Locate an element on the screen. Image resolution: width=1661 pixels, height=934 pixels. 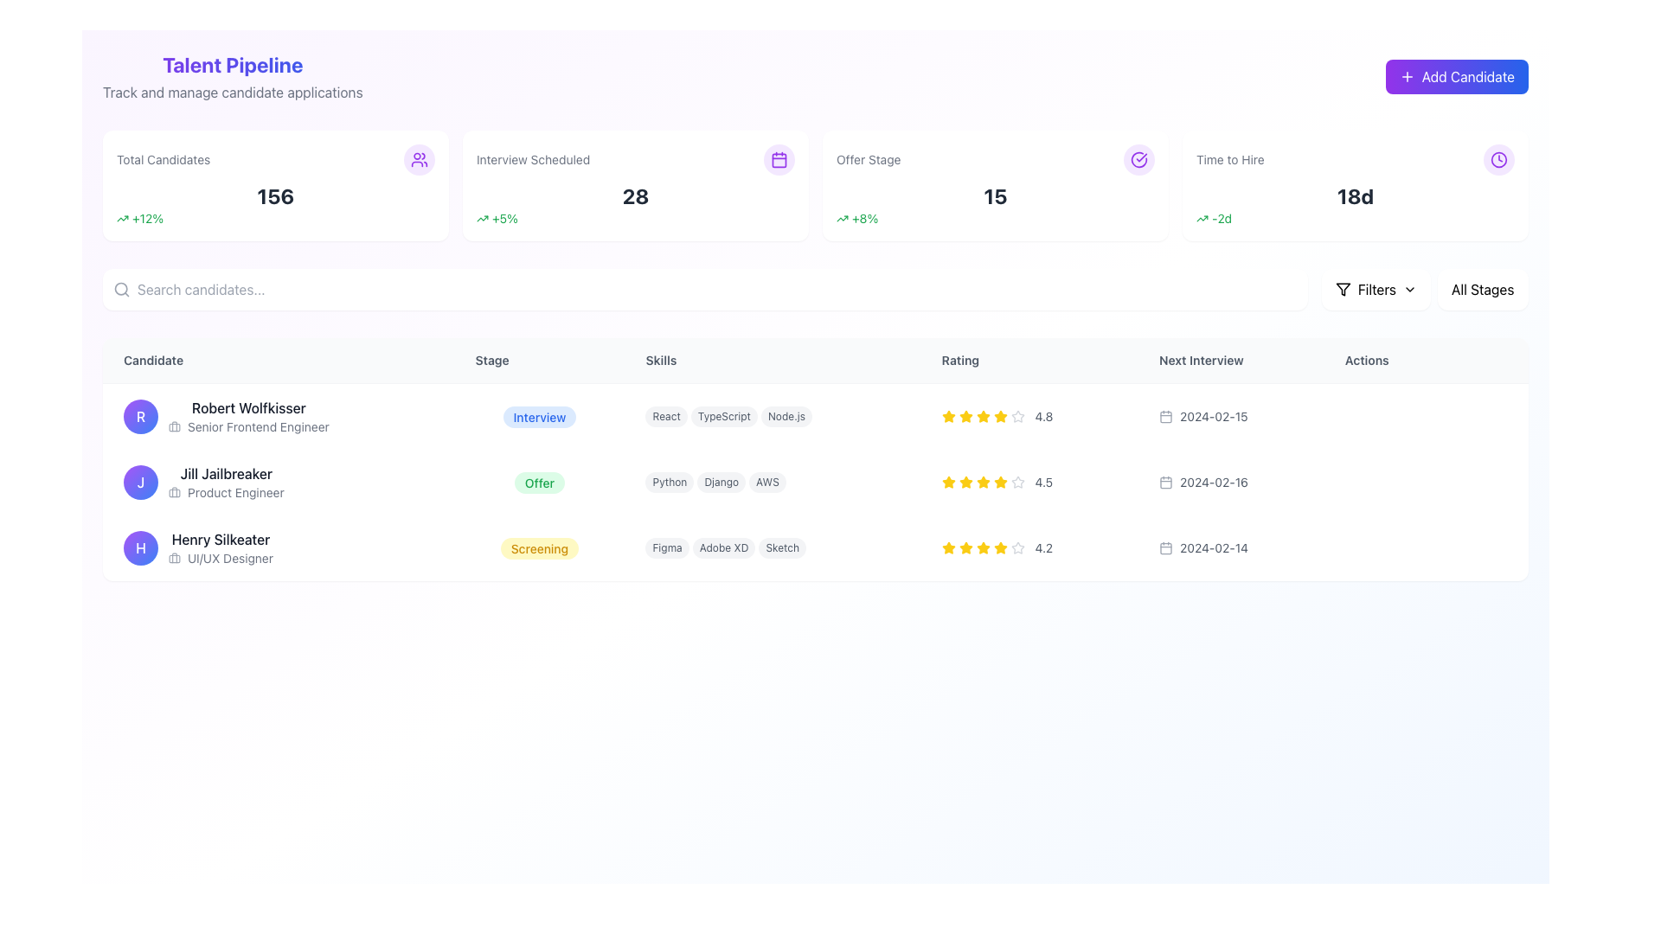
date displayed in the 'Next Interview' column for the candidate 'Henry Silkeater', which shows '2024-02-14' accompanied by a calendar icon is located at coordinates (1230, 547).